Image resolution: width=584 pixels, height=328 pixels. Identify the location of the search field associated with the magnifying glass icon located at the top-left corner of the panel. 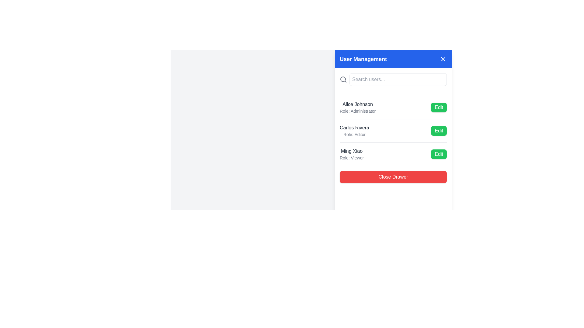
(343, 79).